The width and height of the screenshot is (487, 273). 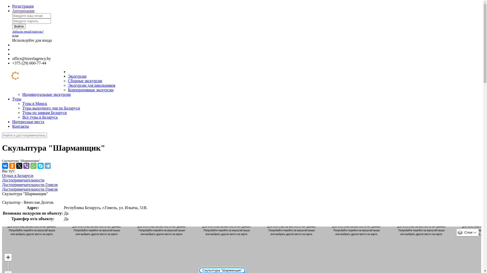 What do you see at coordinates (47, 166) in the screenshot?
I see `'Telegram'` at bounding box center [47, 166].